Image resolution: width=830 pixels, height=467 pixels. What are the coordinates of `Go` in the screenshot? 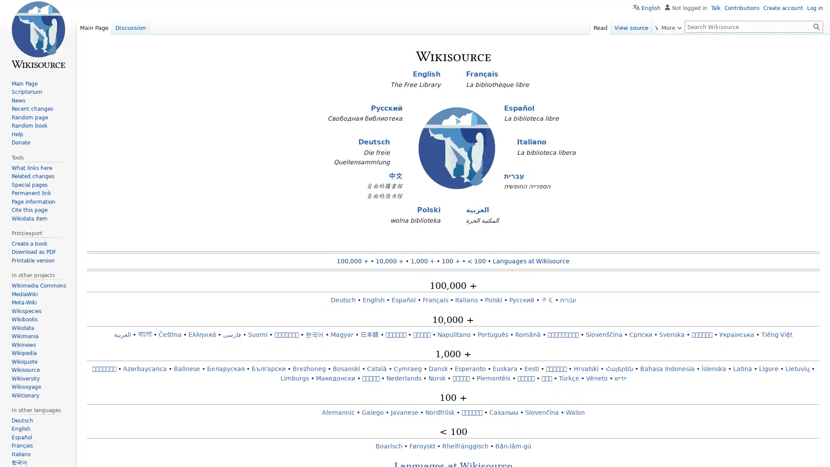 It's located at (816, 26).